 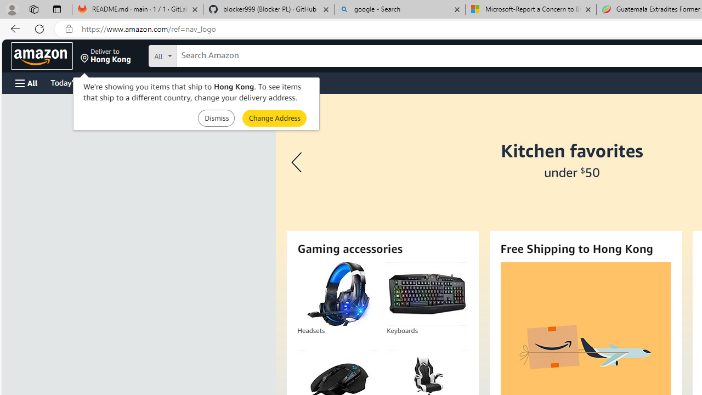 I want to click on 'Search in', so click(x=203, y=54).